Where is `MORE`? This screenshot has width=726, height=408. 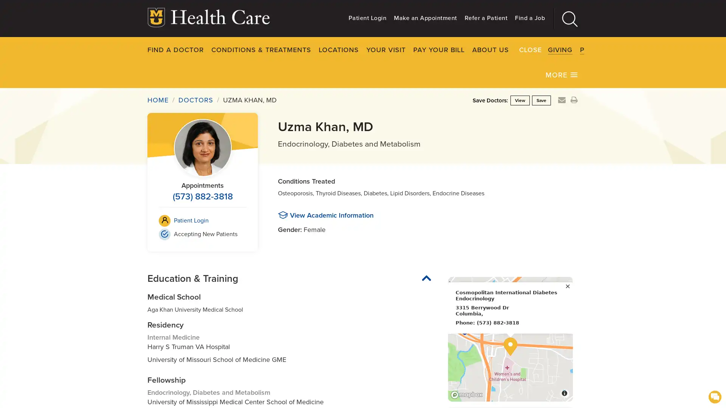 MORE is located at coordinates (562, 74).